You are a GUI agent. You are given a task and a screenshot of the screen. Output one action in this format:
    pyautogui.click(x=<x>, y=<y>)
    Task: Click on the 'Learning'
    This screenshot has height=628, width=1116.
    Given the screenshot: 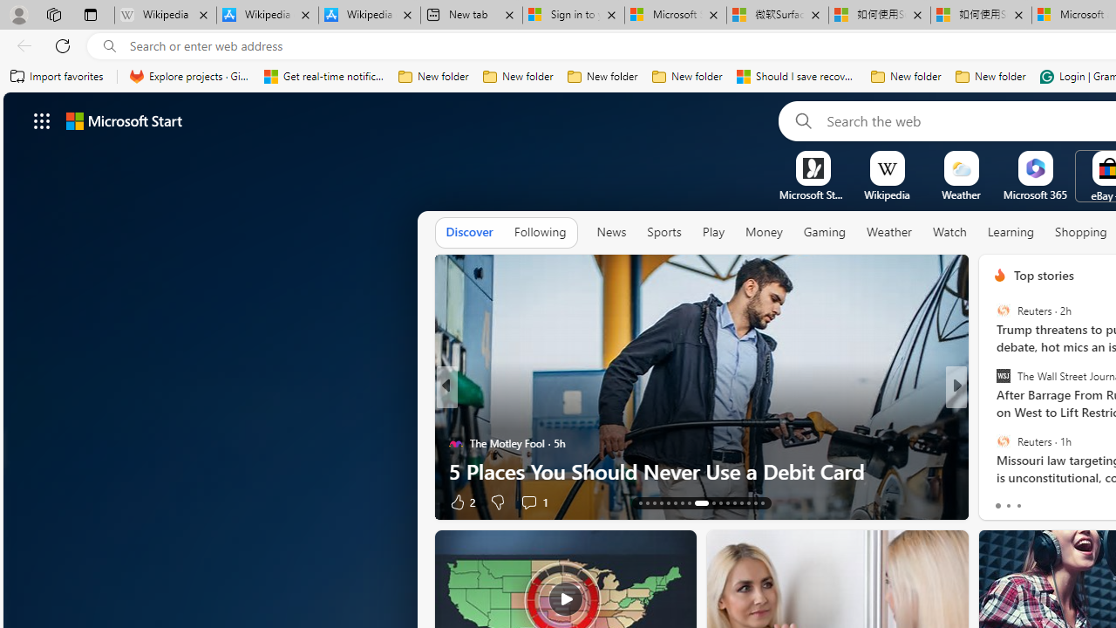 What is the action you would take?
    pyautogui.click(x=1011, y=232)
    